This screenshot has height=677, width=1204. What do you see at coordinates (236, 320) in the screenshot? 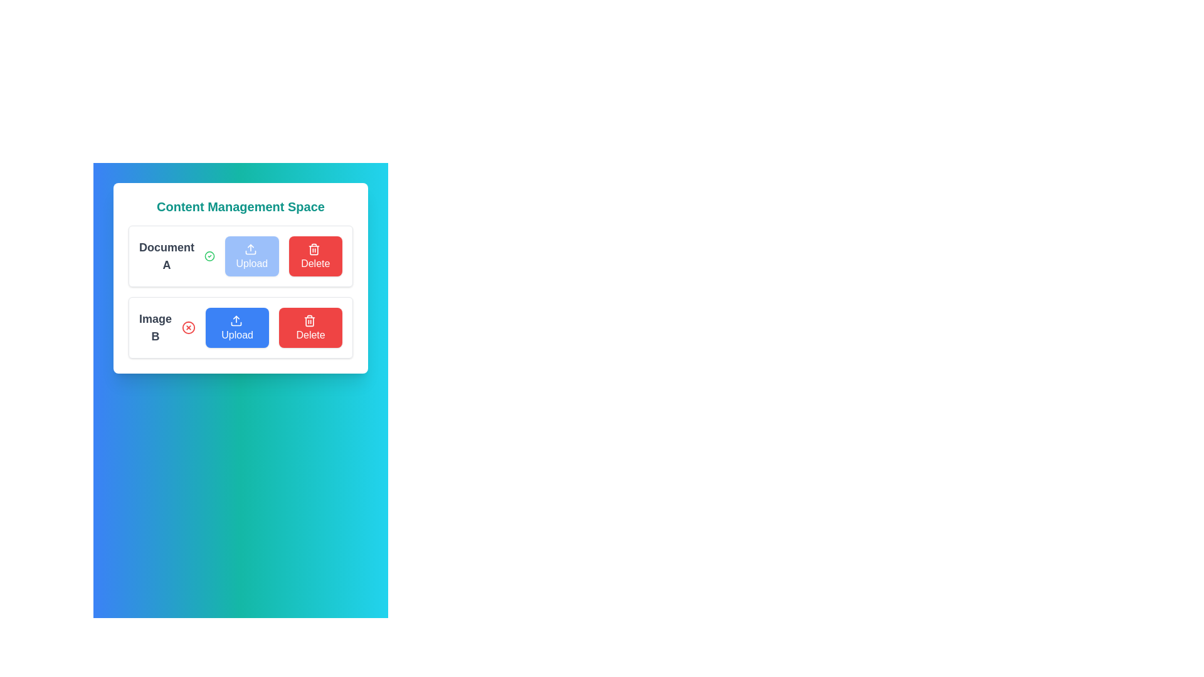
I see `the upload icon within the 'Upload' button located in the second row of the content management interface, which is part of the 'Image B' row` at bounding box center [236, 320].